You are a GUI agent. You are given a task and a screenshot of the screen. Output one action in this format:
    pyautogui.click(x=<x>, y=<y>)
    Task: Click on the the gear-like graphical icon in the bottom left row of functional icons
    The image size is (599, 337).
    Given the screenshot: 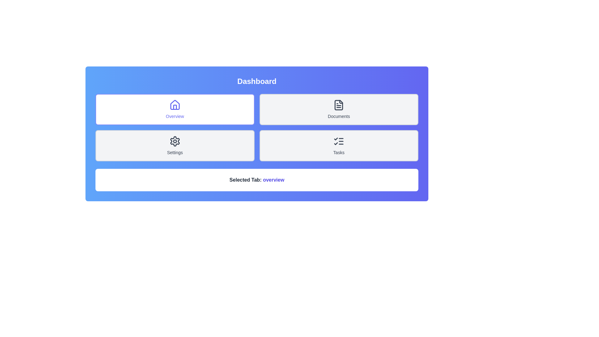 What is the action you would take?
    pyautogui.click(x=175, y=141)
    